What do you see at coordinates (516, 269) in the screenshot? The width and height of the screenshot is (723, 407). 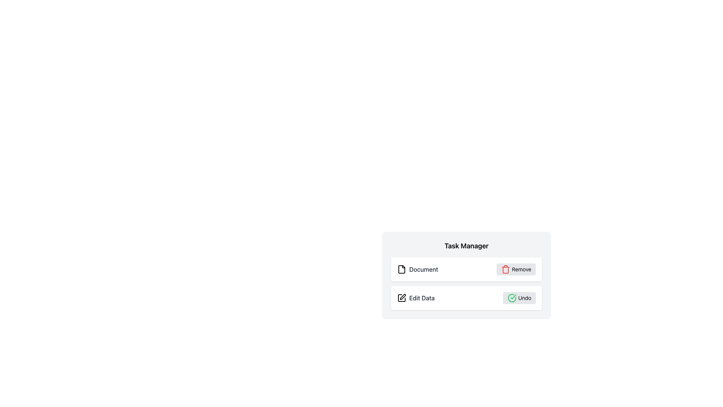 I see `the functional button located to the right of the text 'Document'` at bounding box center [516, 269].